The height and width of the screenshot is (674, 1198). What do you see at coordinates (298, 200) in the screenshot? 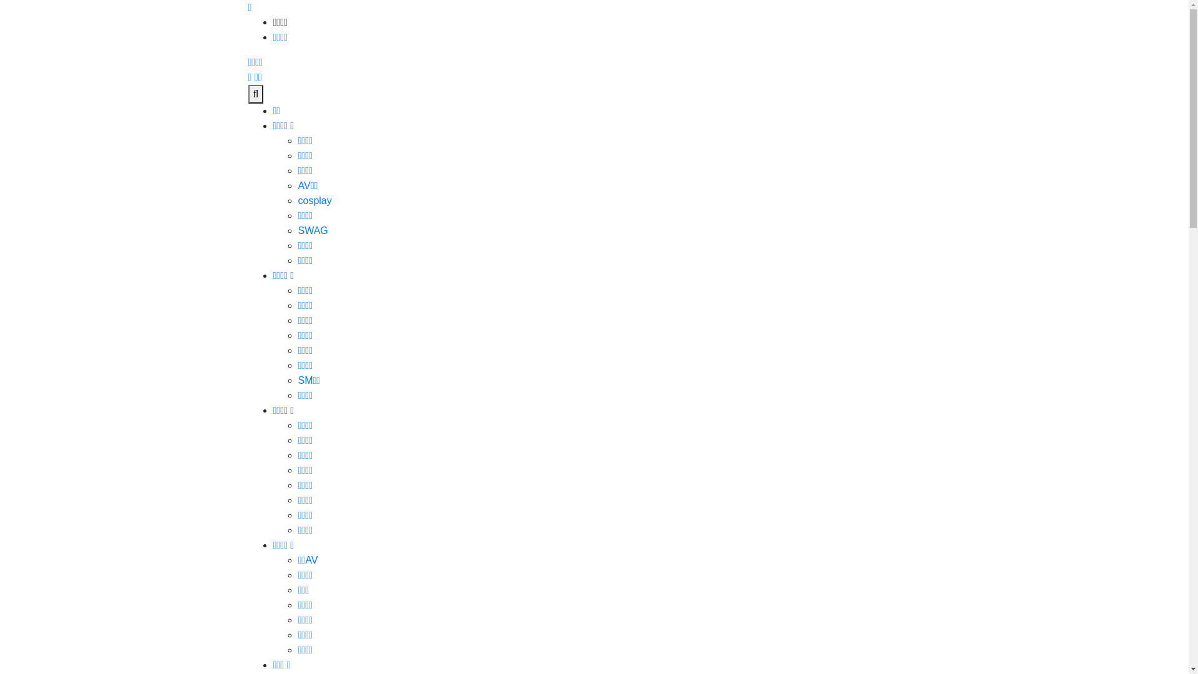
I see `'cosplay'` at bounding box center [298, 200].